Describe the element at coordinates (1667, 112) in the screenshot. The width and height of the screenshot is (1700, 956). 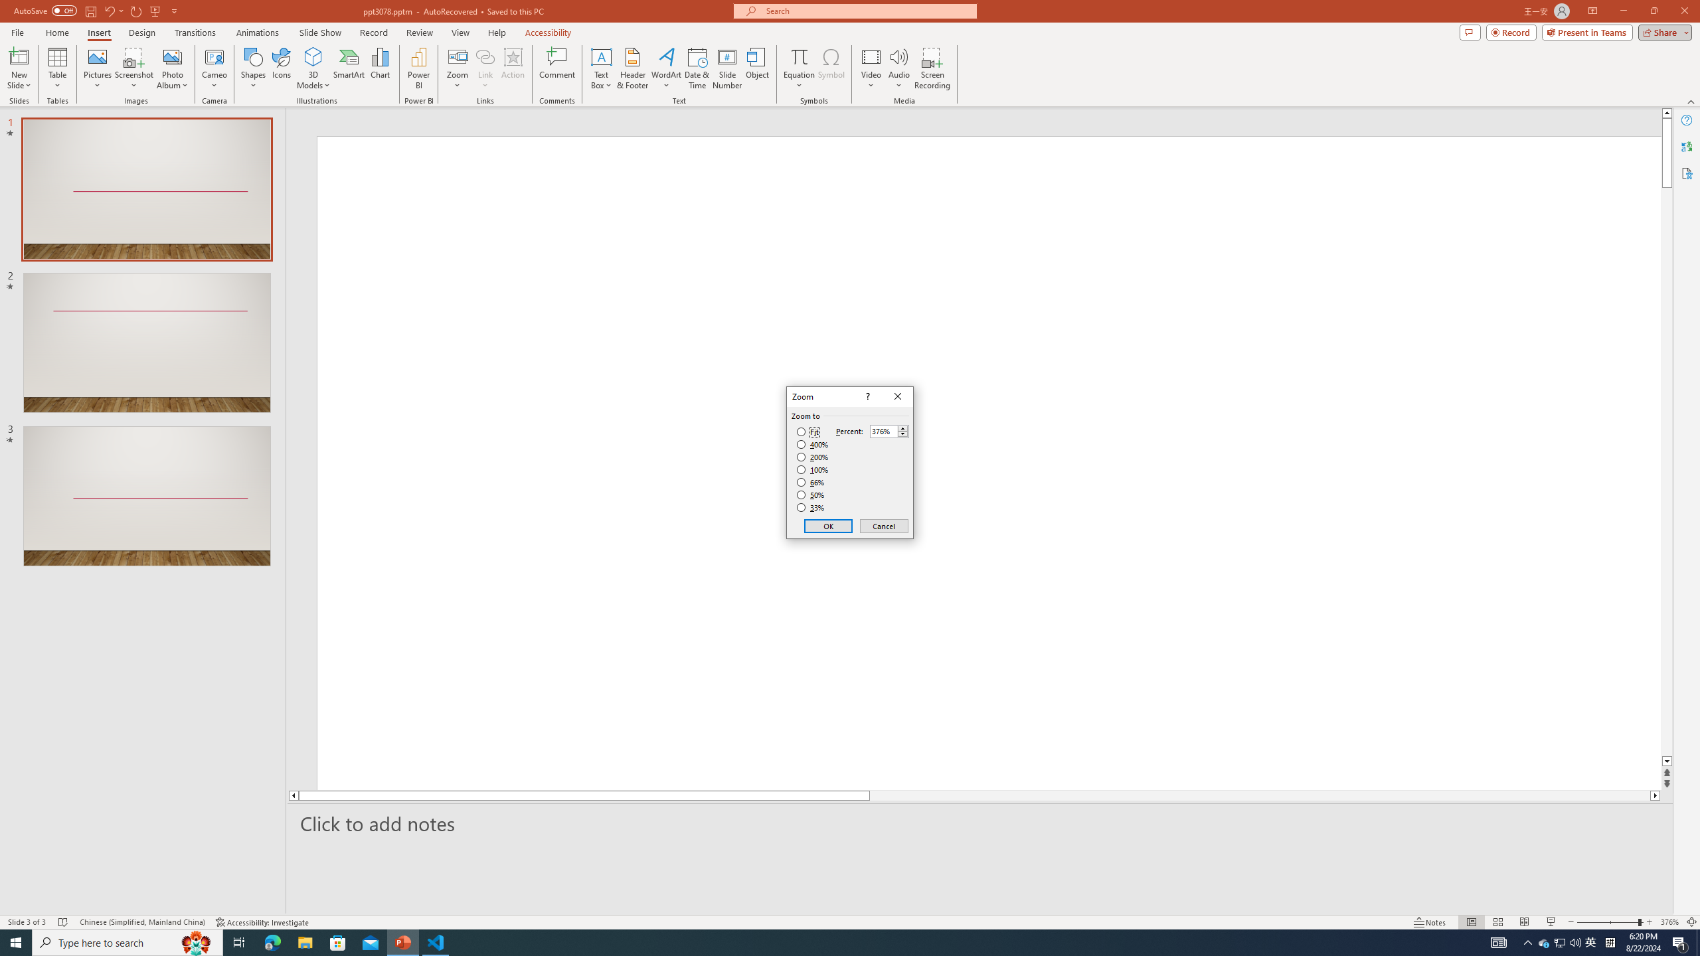
I see `'Line up'` at that location.